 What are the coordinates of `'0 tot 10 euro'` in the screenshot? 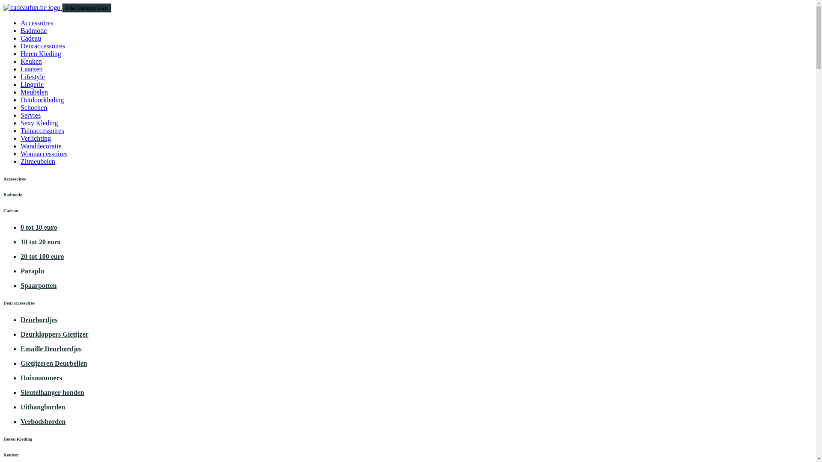 It's located at (38, 227).